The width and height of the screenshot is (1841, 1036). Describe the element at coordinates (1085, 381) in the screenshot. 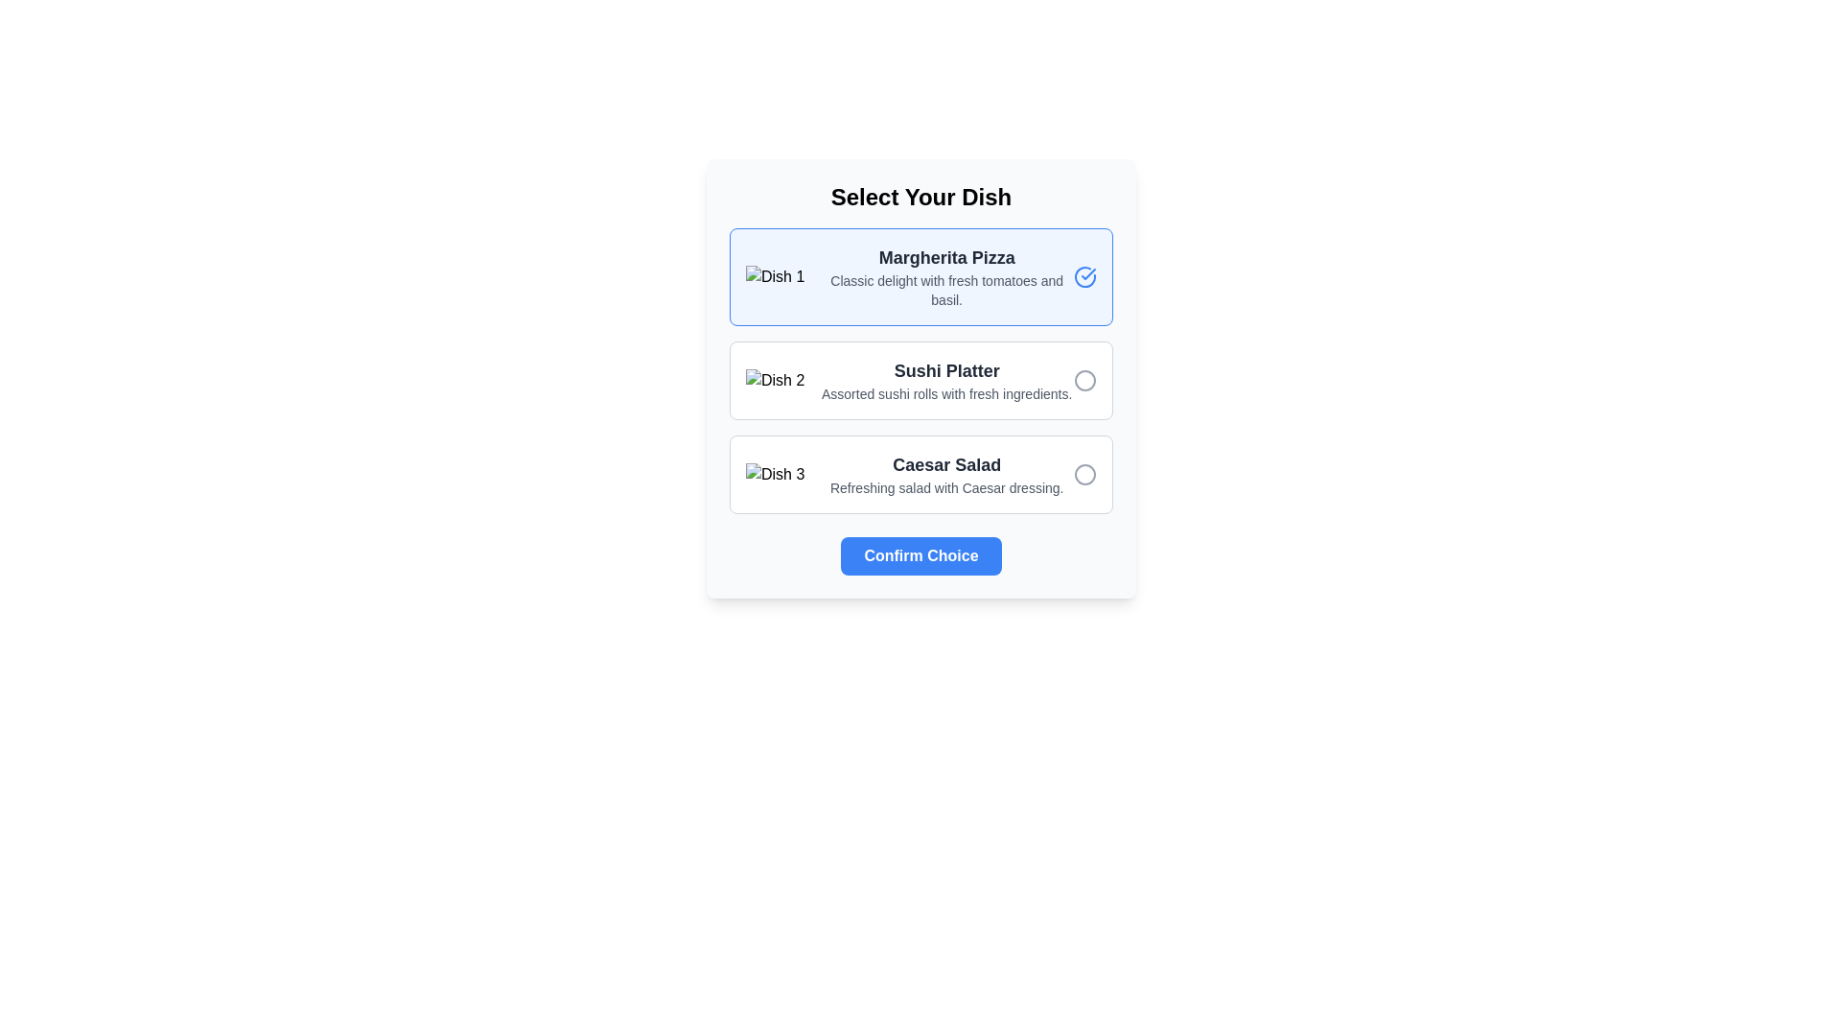

I see `the unselected radio button with a gray border next to the 'Sushi Platter' option` at that location.